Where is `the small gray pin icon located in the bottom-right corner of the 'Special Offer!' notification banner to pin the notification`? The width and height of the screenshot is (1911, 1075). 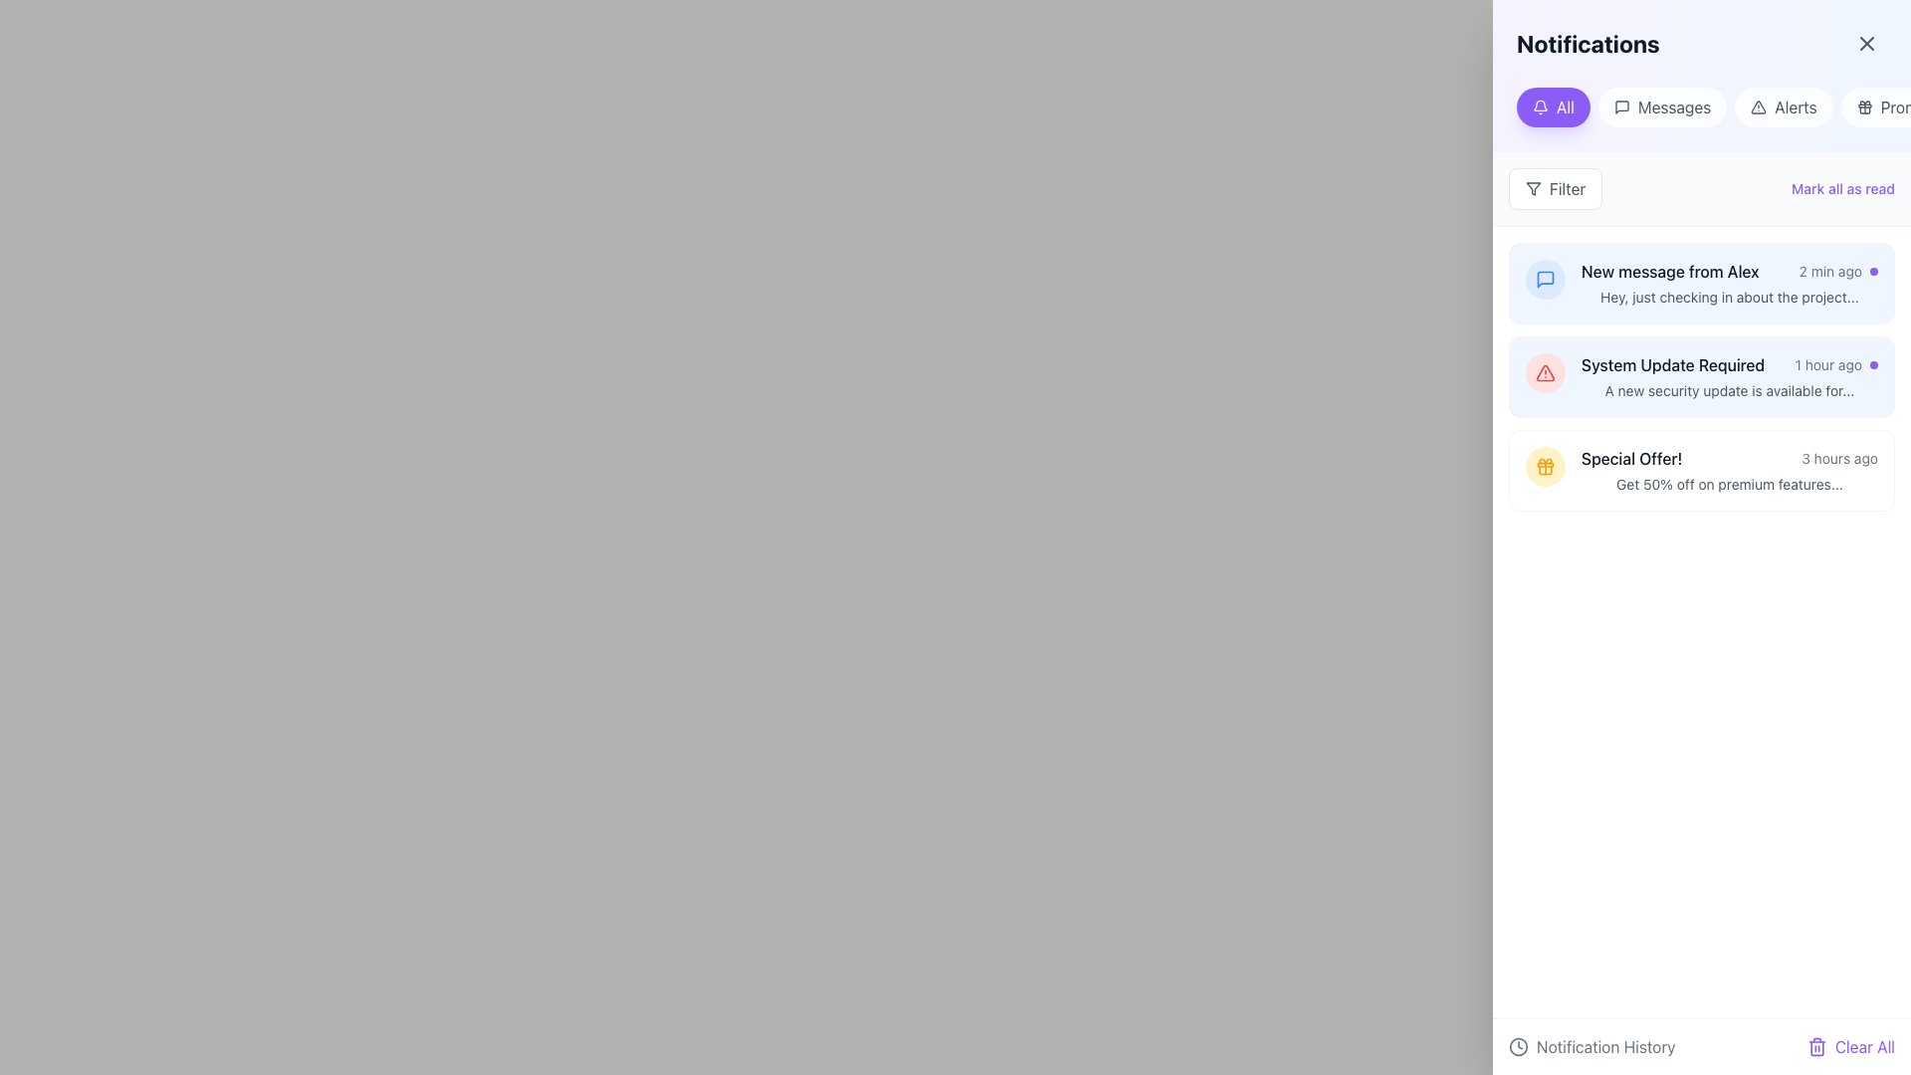
the small gray pin icon located in the bottom-right corner of the 'Special Offer!' notification banner to pin the notification is located at coordinates (1821, 471).